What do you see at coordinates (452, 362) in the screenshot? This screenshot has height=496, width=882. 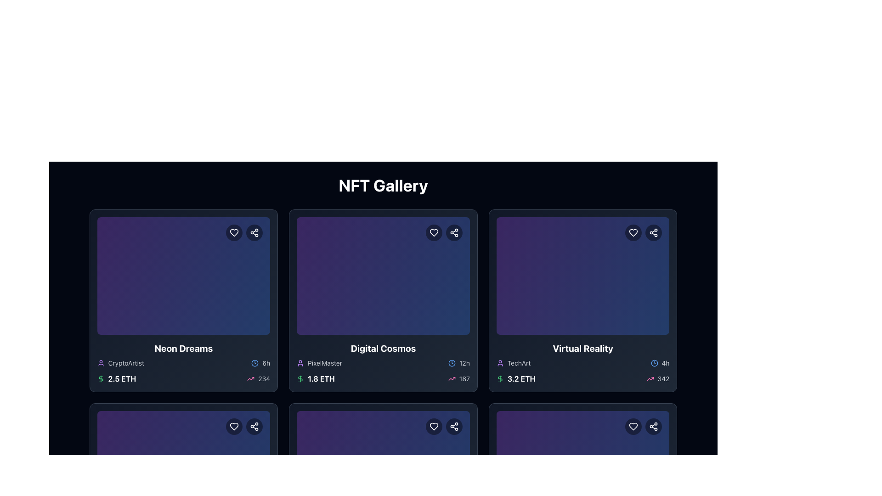 I see `the decorative clock face element located at the top-right corner inside the 'Digital Cosmos' card, which symbolizes the clock's time tracking` at bounding box center [452, 362].